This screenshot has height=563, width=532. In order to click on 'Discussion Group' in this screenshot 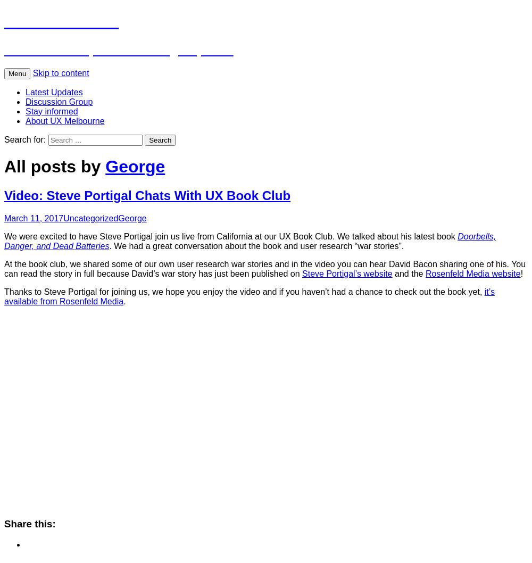, I will do `click(59, 101)`.